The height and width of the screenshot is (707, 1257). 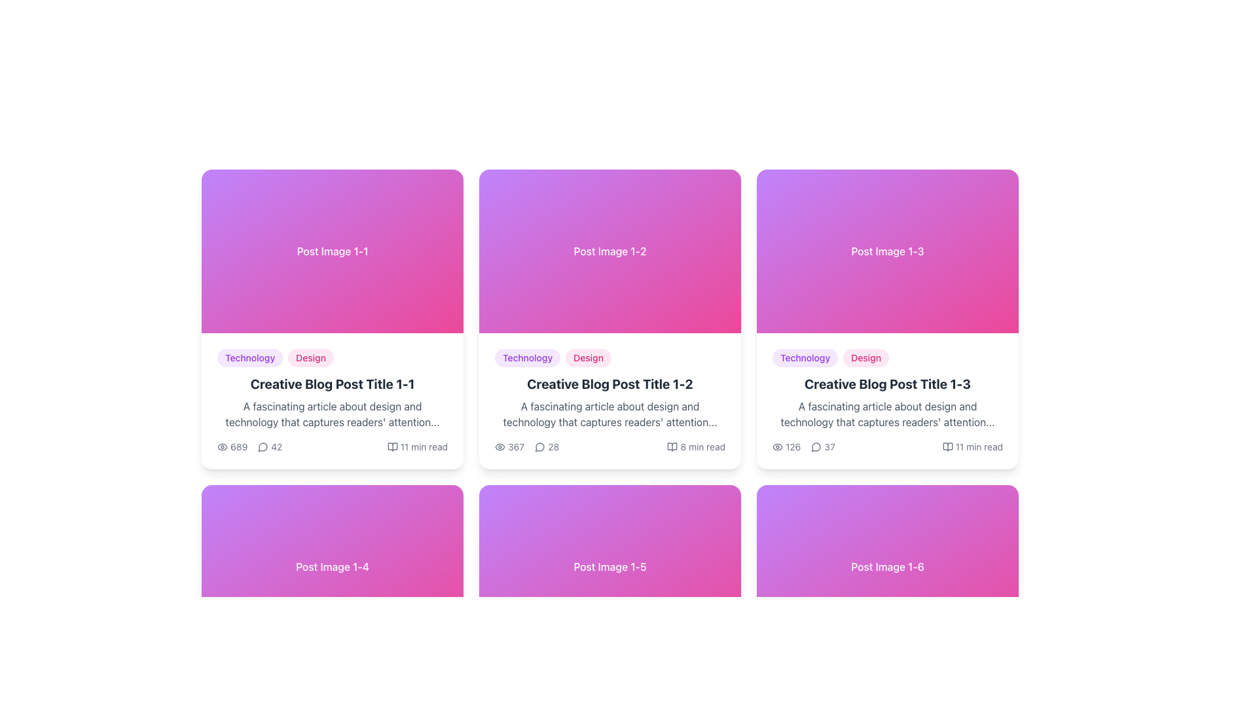 I want to click on the second card in the first row of the grid layout that provides a preview and summary of a specific blog post, so click(x=609, y=319).